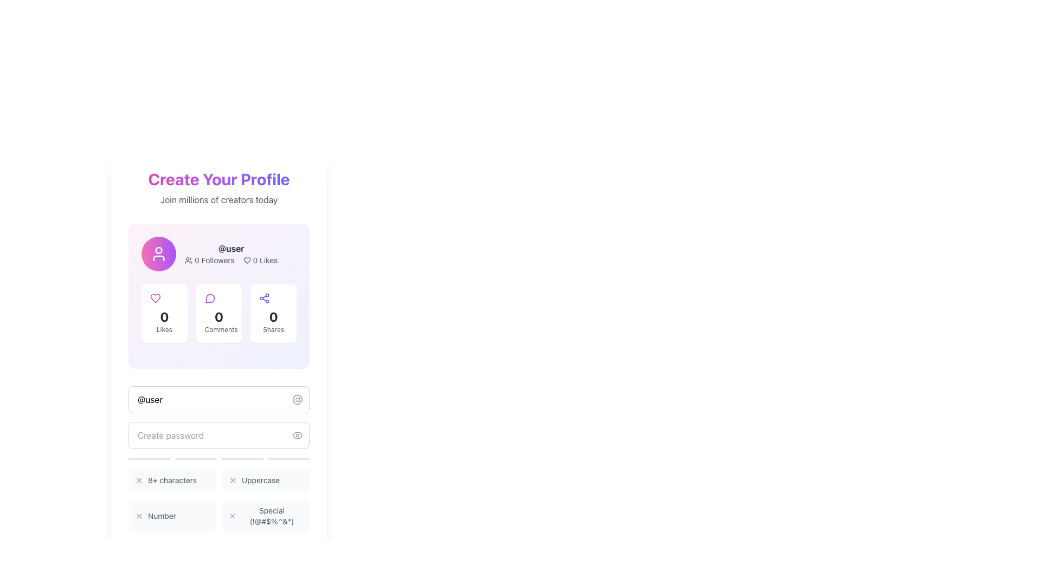 This screenshot has height=585, width=1041. Describe the element at coordinates (246, 261) in the screenshot. I see `the heart-shaped icon with a hollow center located next to the '0 Likes' text in the top-right section of the user profile card` at that location.